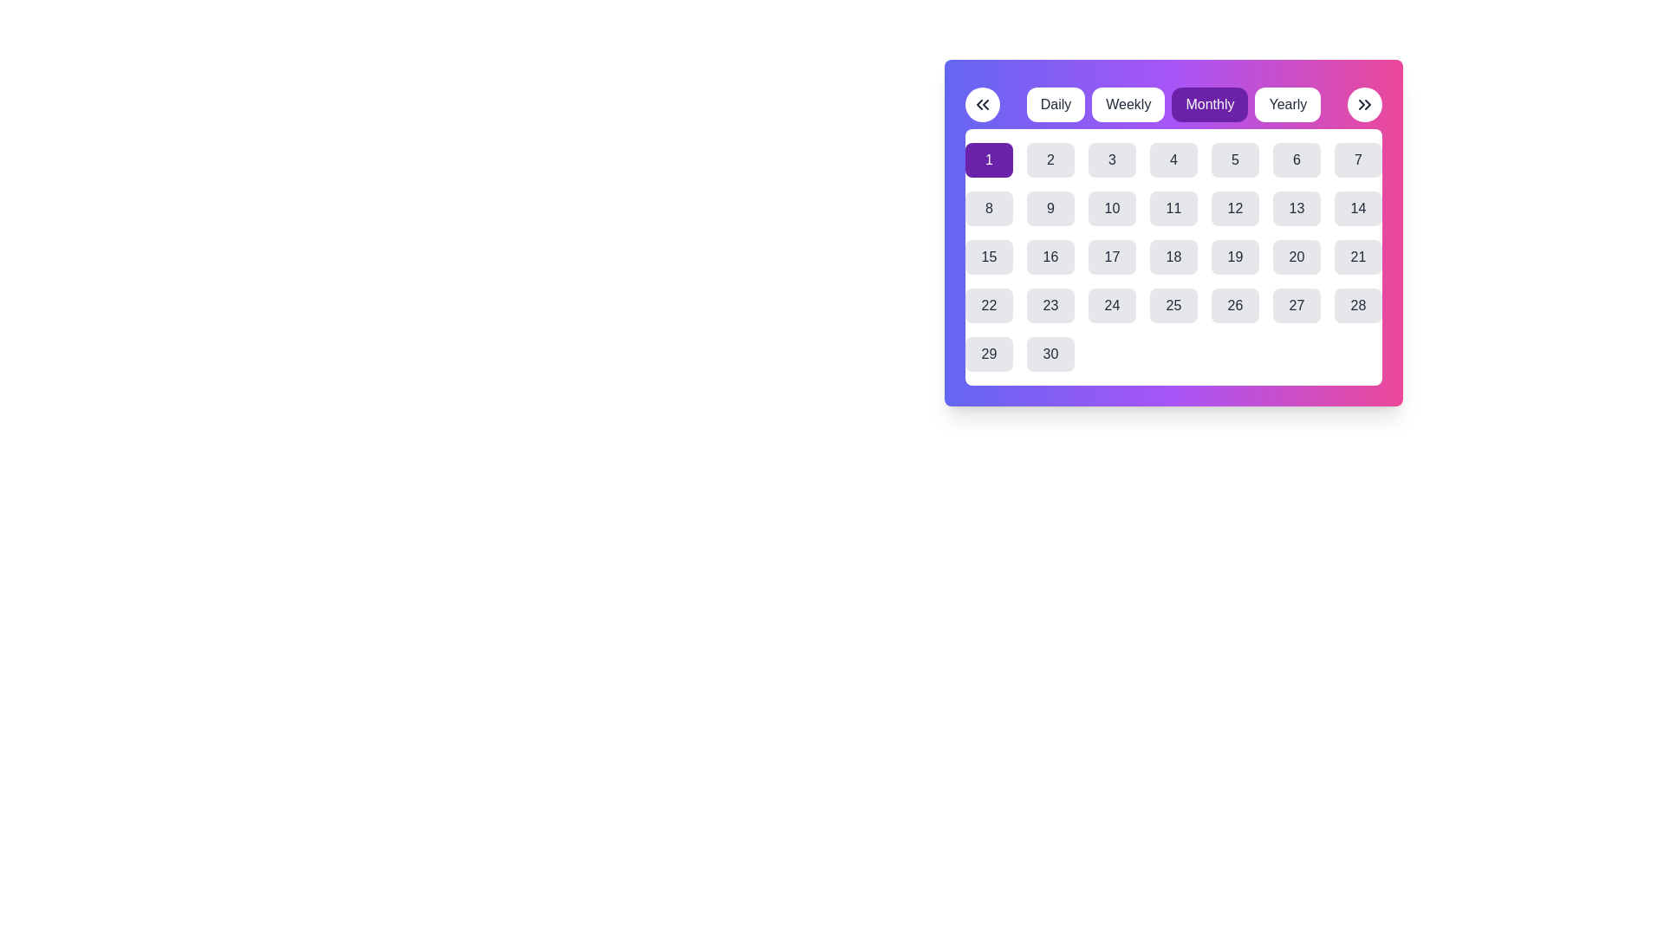  I want to click on the interactive day selector button for the 20th day of the month located in the third row, sixth column of the calendar interface, so click(1297, 257).